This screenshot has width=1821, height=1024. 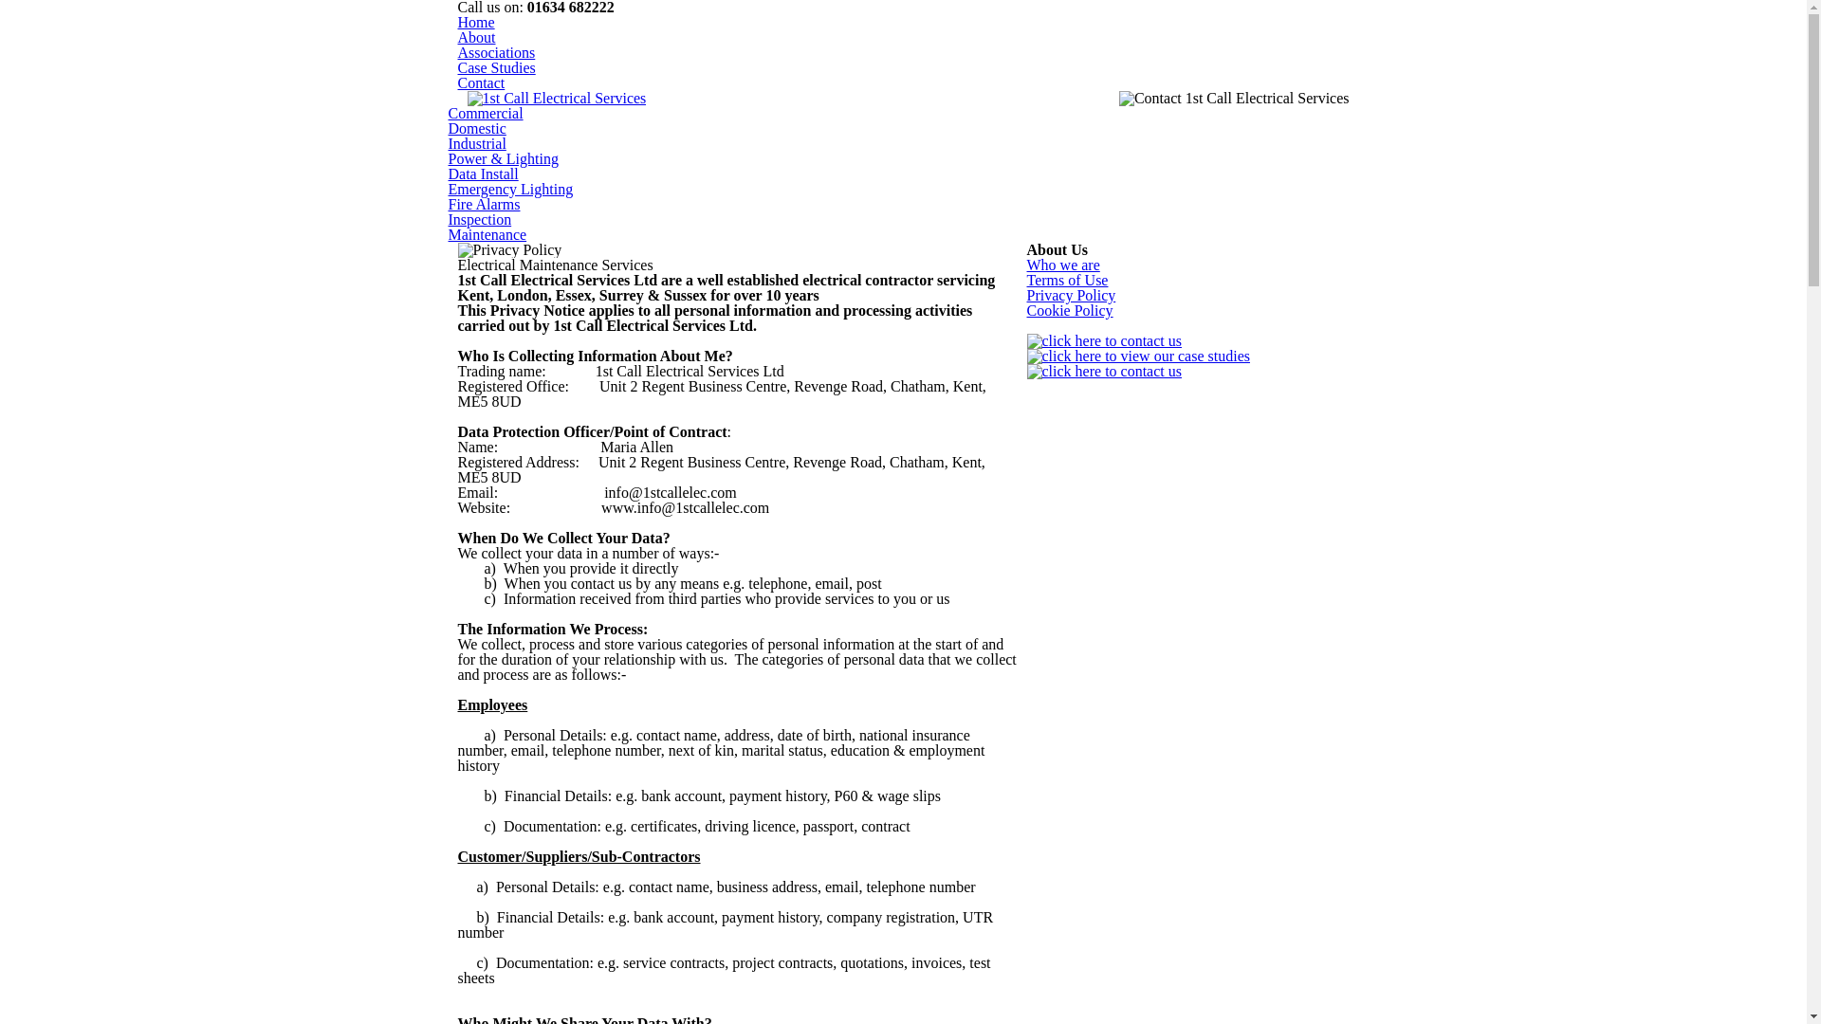 I want to click on 'Industrial', so click(x=476, y=142).